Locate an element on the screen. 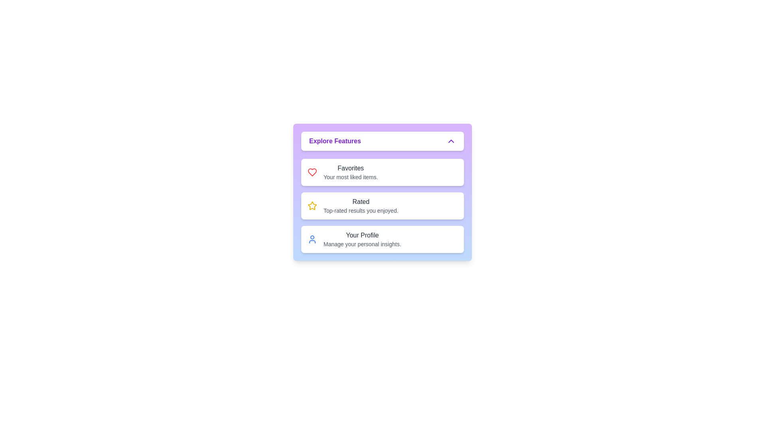 The image size is (766, 431). the third interactive card in the 'Explore Features' section is located at coordinates (382, 239).